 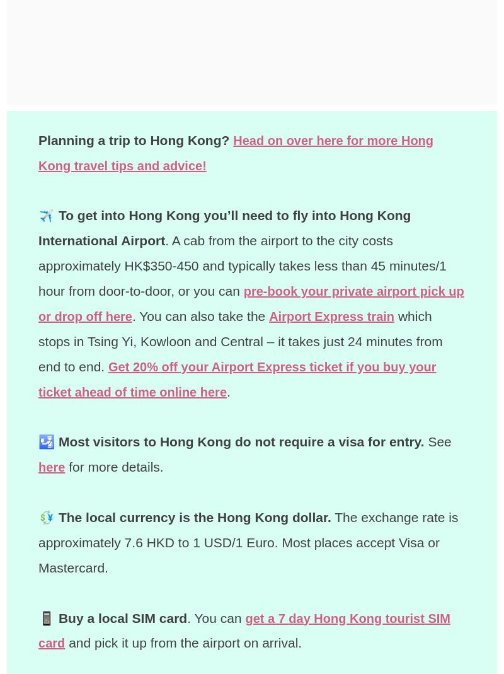 I want to click on 'The local currency is the Hong Kong dollar.', so click(x=193, y=516).